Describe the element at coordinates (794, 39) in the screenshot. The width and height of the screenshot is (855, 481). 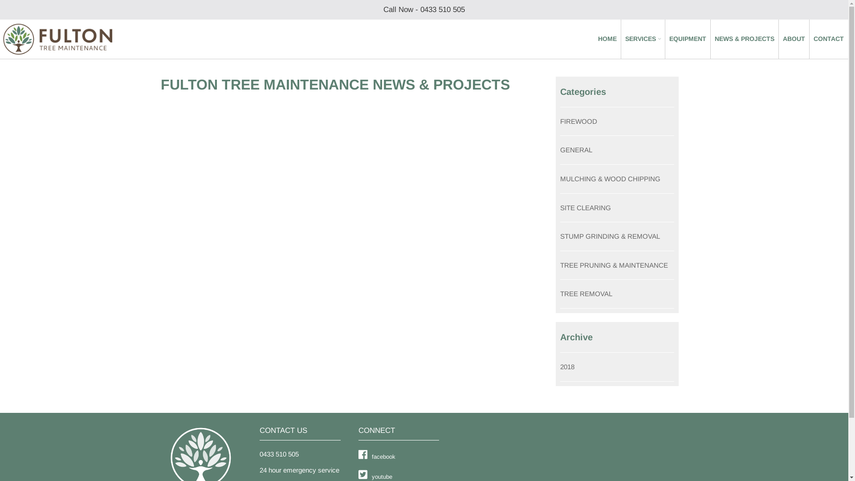
I see `'ABOUT'` at that location.